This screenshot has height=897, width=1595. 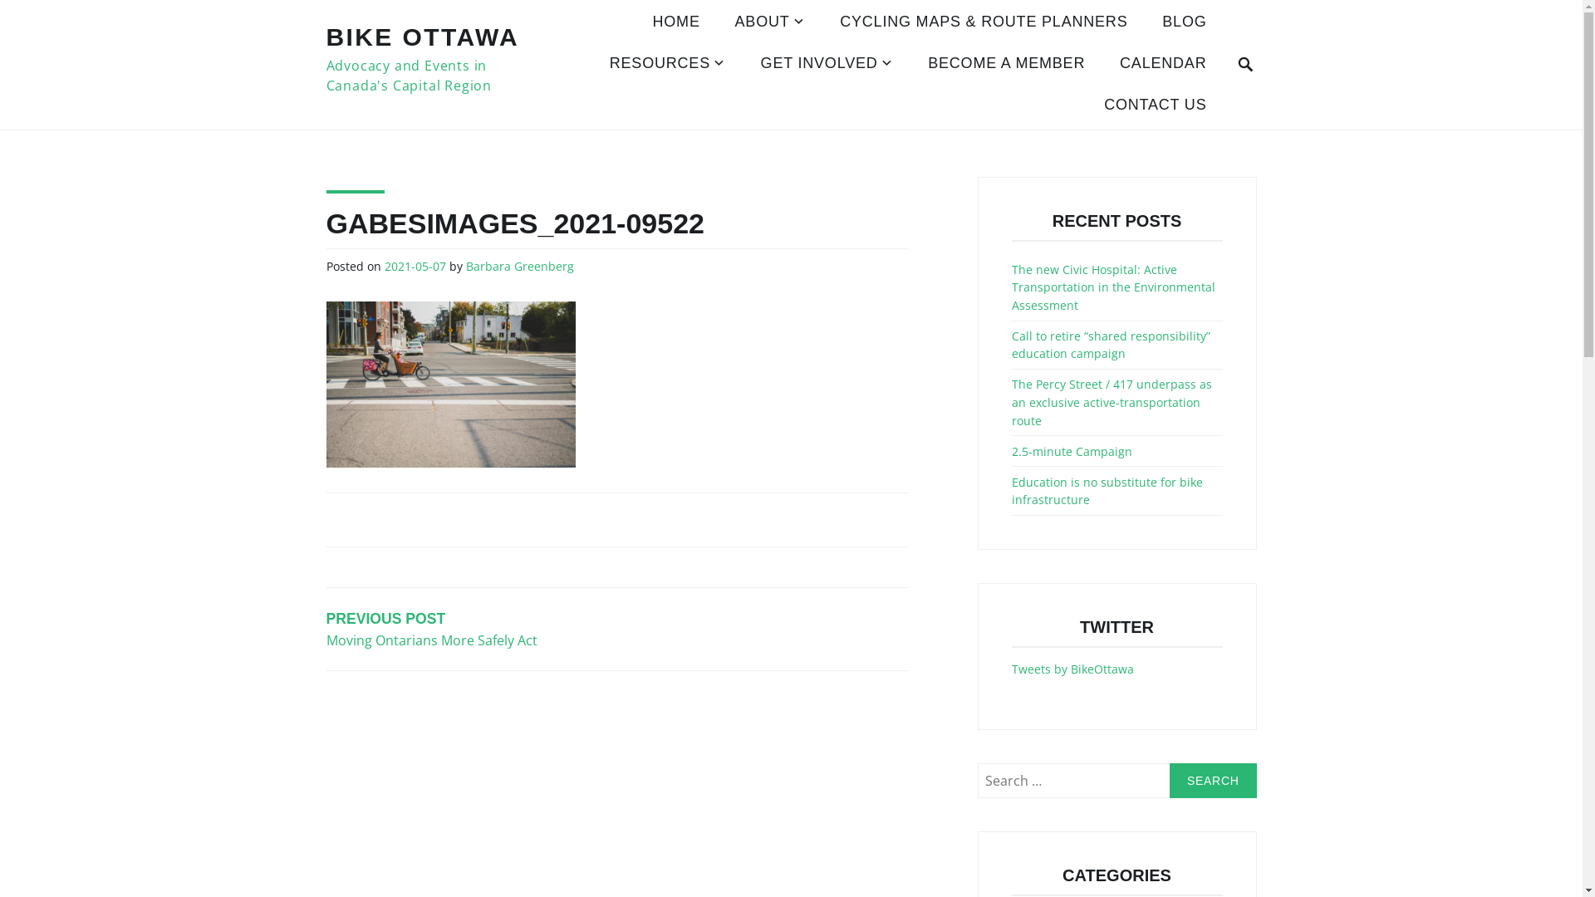 What do you see at coordinates (1154, 105) in the screenshot?
I see `'CONTACT US'` at bounding box center [1154, 105].